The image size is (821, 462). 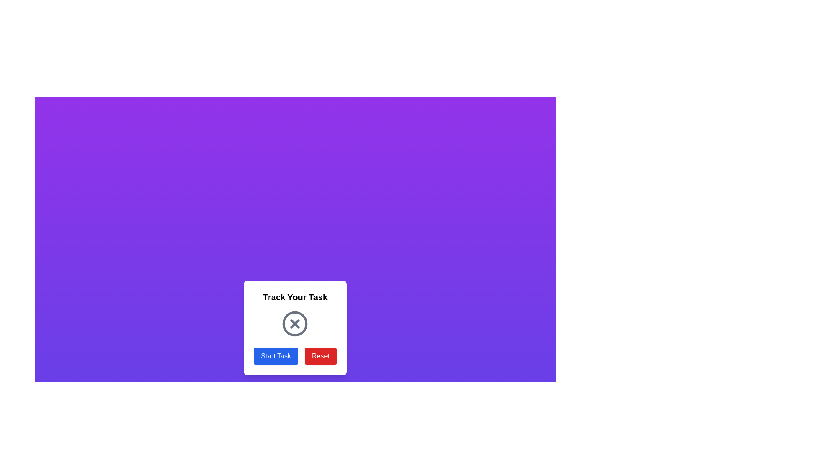 What do you see at coordinates (295, 323) in the screenshot?
I see `the icon that serves as a visual indicator for closing or canceling an action, positioned centrally within the card above the 'Start Task' and 'Reset' buttons` at bounding box center [295, 323].